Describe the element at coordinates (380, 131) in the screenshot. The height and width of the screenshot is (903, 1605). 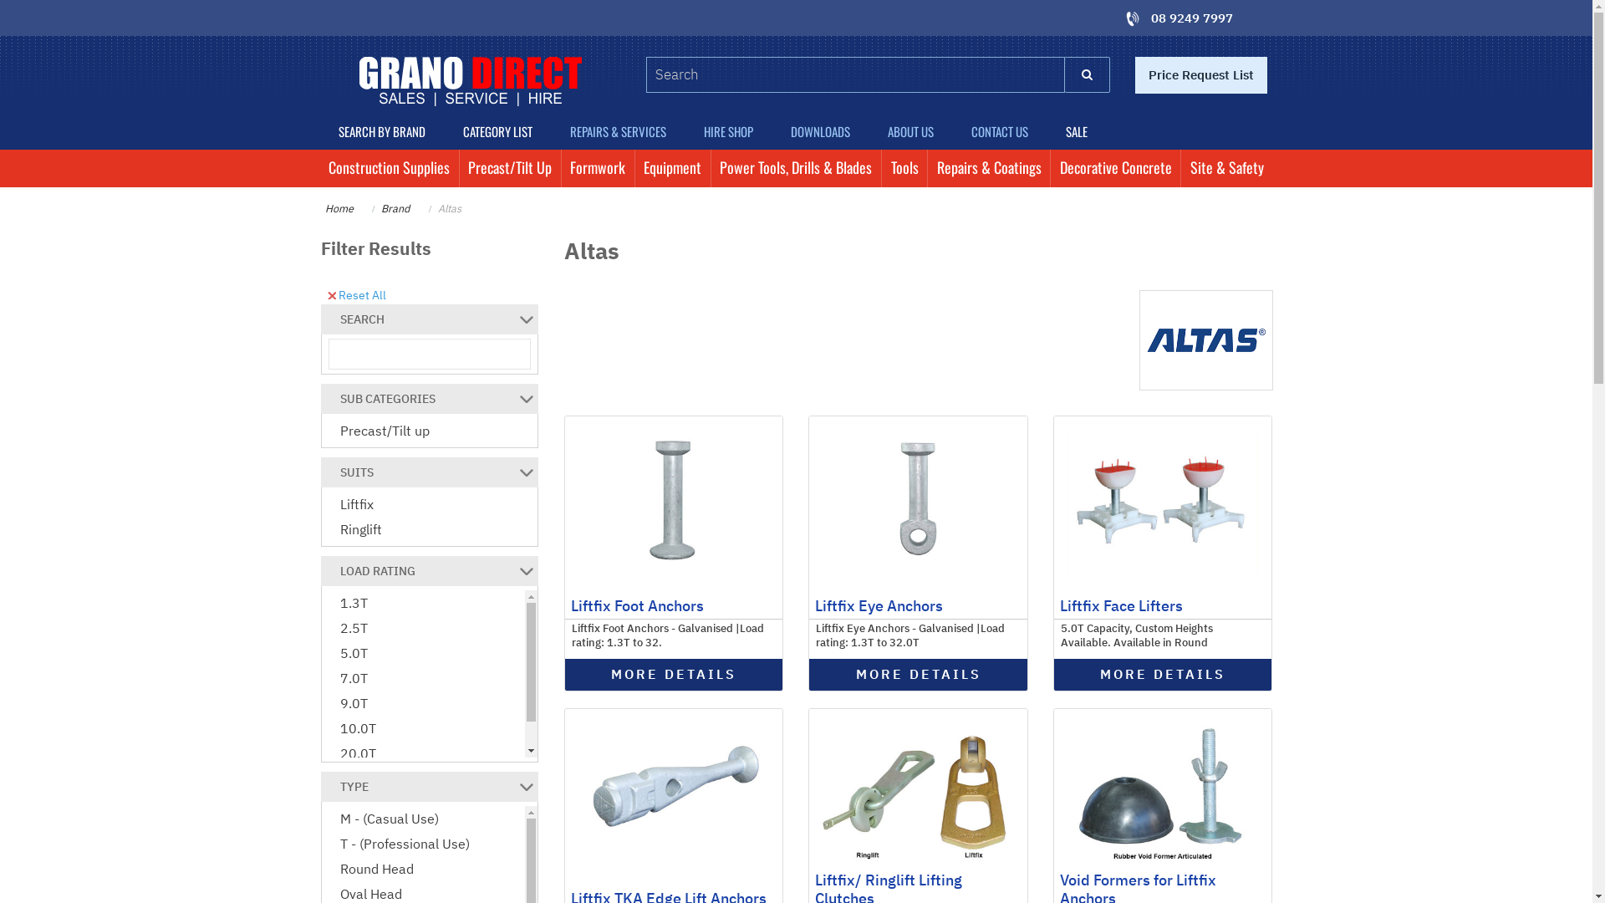
I see `'SEARCH BY BRAND'` at that location.